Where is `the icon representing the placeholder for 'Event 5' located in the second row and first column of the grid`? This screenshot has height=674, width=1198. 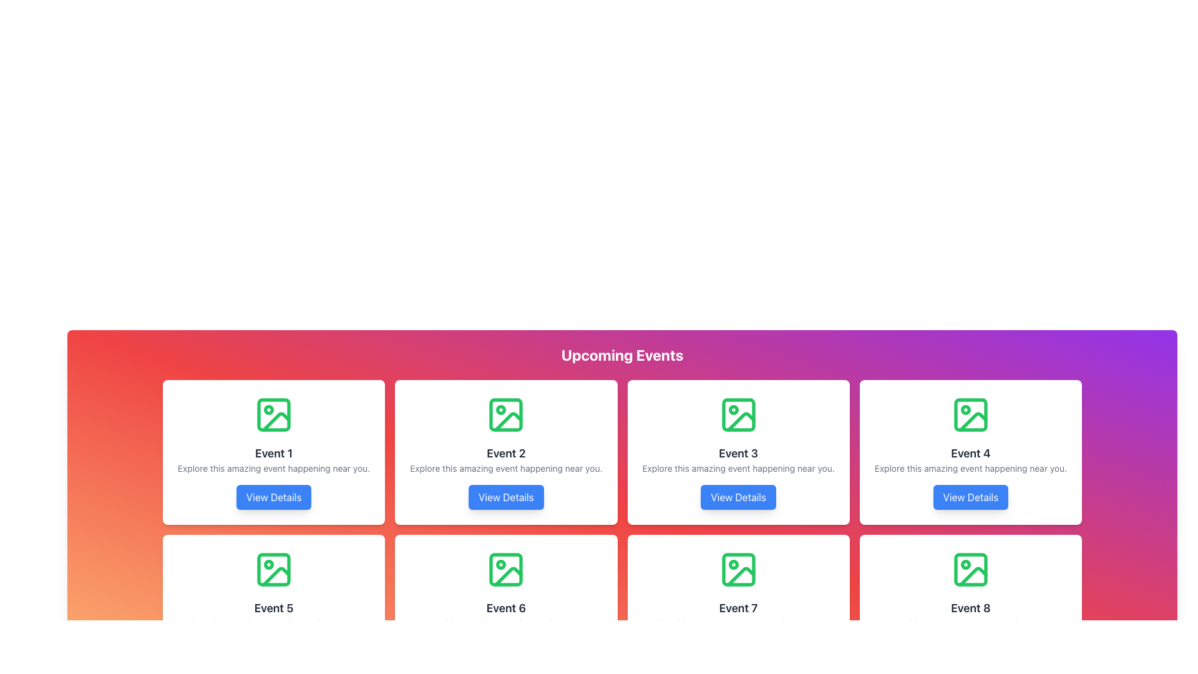
the icon representing the placeholder for 'Event 5' located in the second row and first column of the grid is located at coordinates (273, 570).